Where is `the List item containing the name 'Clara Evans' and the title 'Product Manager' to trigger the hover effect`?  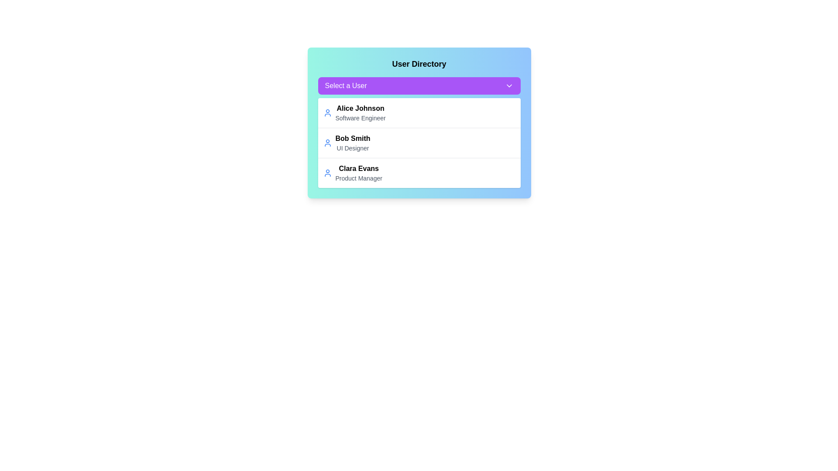 the List item containing the name 'Clara Evans' and the title 'Product Manager' to trigger the hover effect is located at coordinates (419, 173).